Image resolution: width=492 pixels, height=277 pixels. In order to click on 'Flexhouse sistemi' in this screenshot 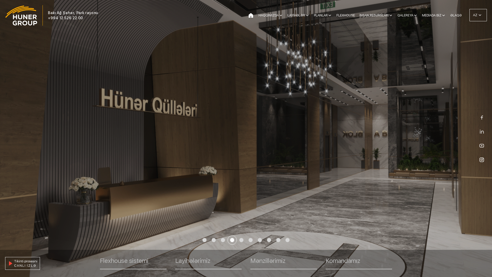, I will do `click(133, 263)`.